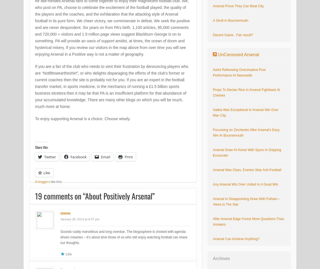  Describe the element at coordinates (238, 54) in the screenshot. I see `'UnCensored Arsenal'` at that location.